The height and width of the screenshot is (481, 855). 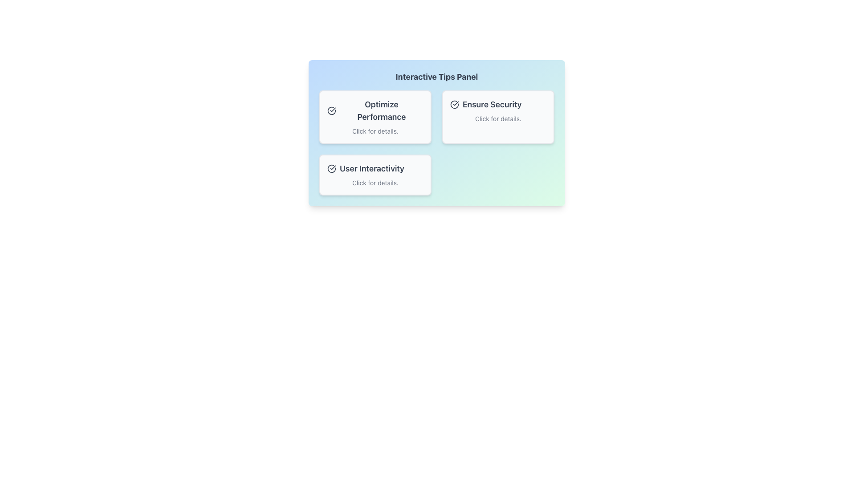 I want to click on the Text Label indicating 'Optimize Performance' located in the top-left card of a 2x2 grid layout, so click(x=375, y=110).